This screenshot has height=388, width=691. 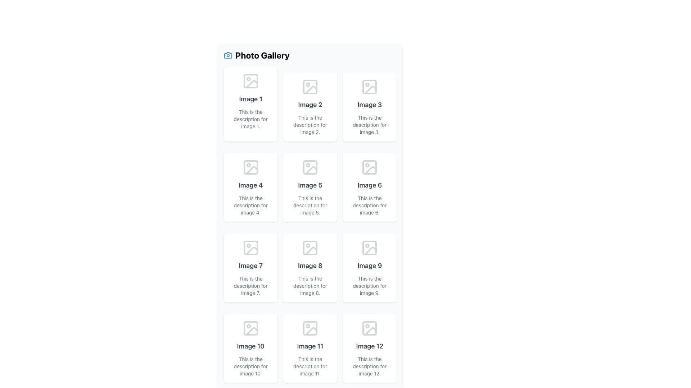 I want to click on the image icon representing a thumbnail in the photo gallery located in the third column of the fourth row, beneath 'Image 11' and above its description, so click(x=310, y=328).